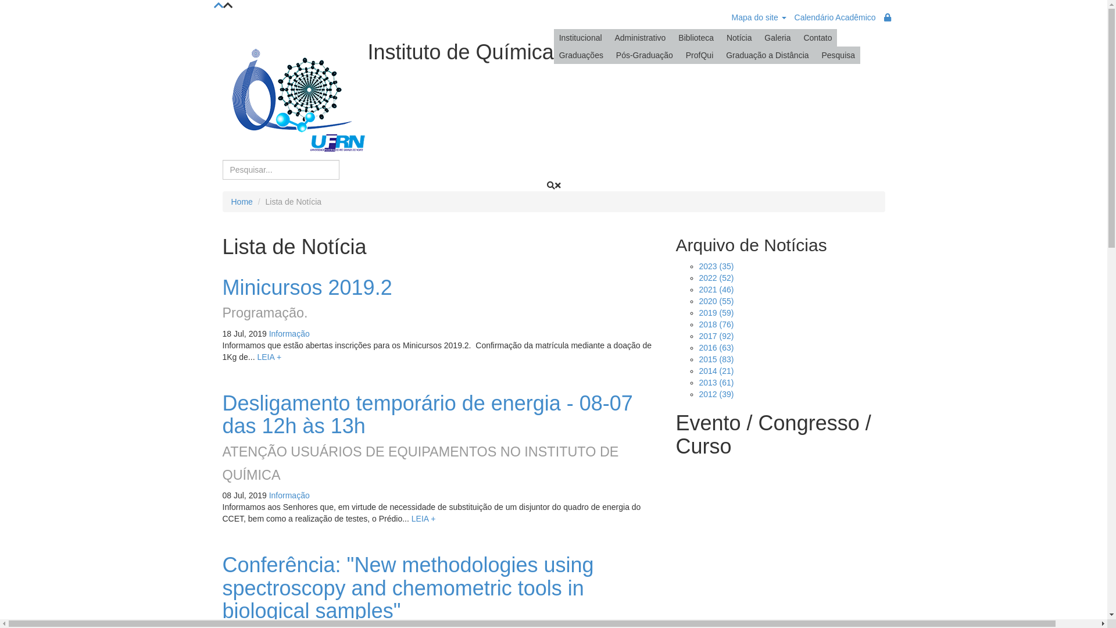 This screenshot has height=628, width=1116. I want to click on 'Contato', so click(797, 37).